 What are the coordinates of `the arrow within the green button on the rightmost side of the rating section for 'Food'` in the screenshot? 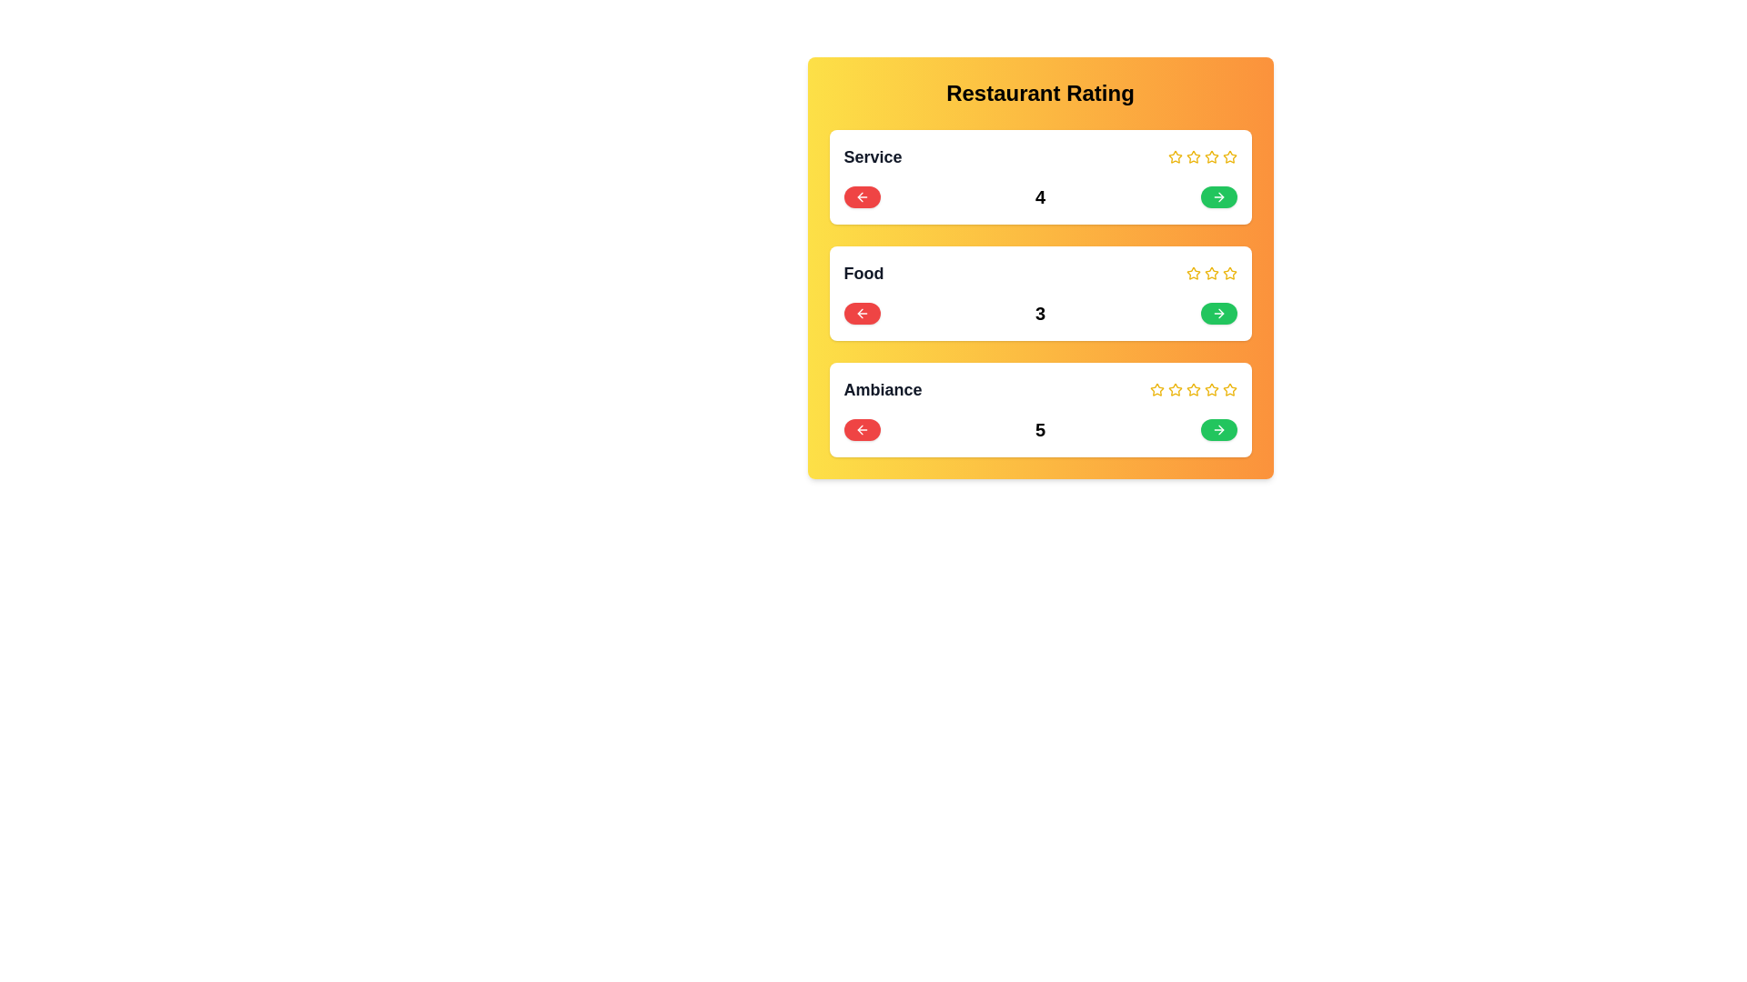 It's located at (1218, 312).